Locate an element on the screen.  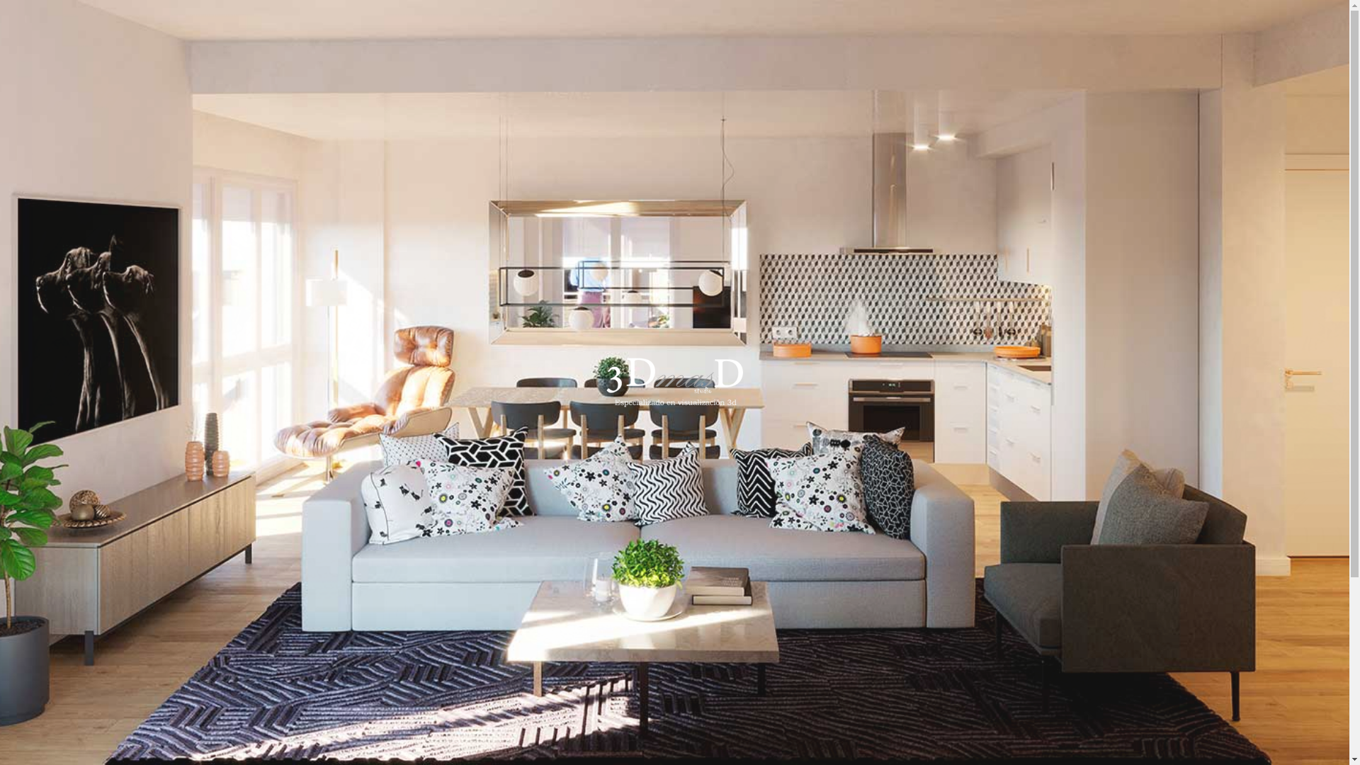
'Skip to content' is located at coordinates (0, 0).